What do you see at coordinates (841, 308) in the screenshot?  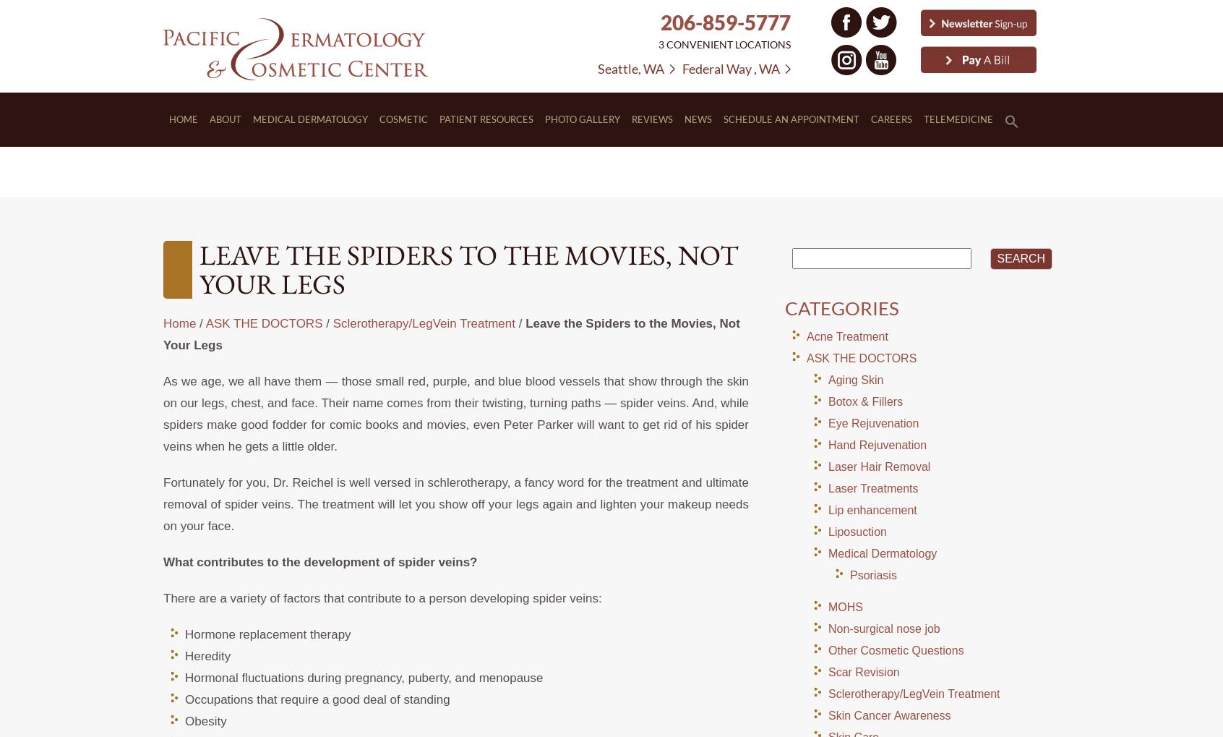 I see `'Categories'` at bounding box center [841, 308].